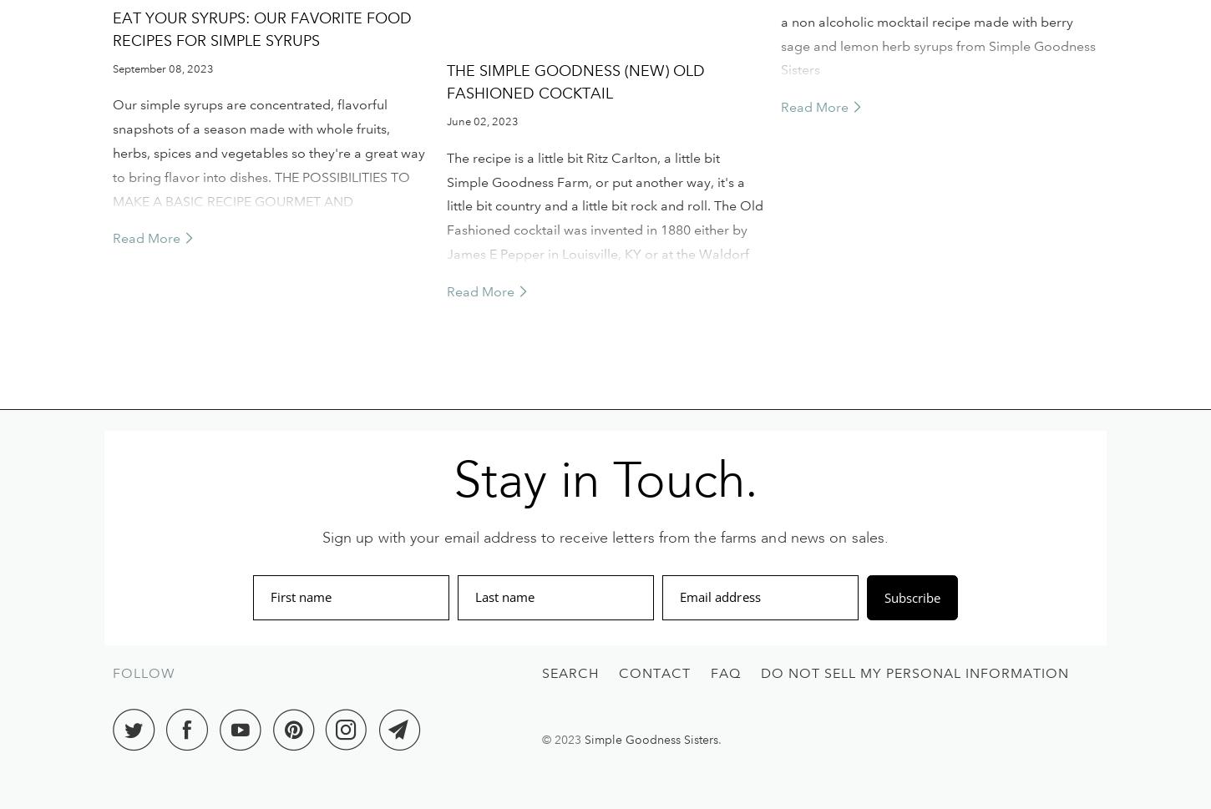  I want to click on 'Our simple syrups are concentrated, flavorful snapshots of a season made with whole fruits, herbs, spices and vegetables so they're a great way to bring flavor into dishes. THE POSSIBILITIES TO MAKE A BASIC RECIPE GOURMET AND SEASONALLY INFLUENCED IS ENDLESS WITH SYRUPS, THAT'S WHY THEY HAVE BEEN MADE AS PRESERVES IN THE HOMESTEAD FOR AGES', so click(269, 188).